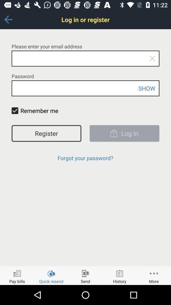 The height and width of the screenshot is (305, 171). Describe the element at coordinates (15, 111) in the screenshot. I see `switch remembering details` at that location.